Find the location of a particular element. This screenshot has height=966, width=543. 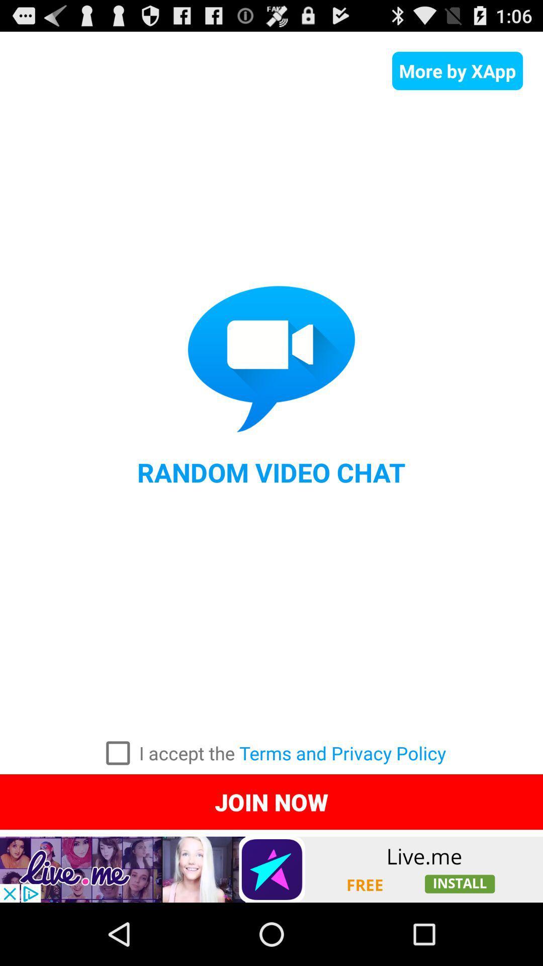

to accept the terms and privacy policy is located at coordinates (117, 753).